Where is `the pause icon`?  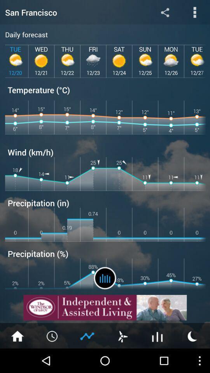
the pause icon is located at coordinates (105, 297).